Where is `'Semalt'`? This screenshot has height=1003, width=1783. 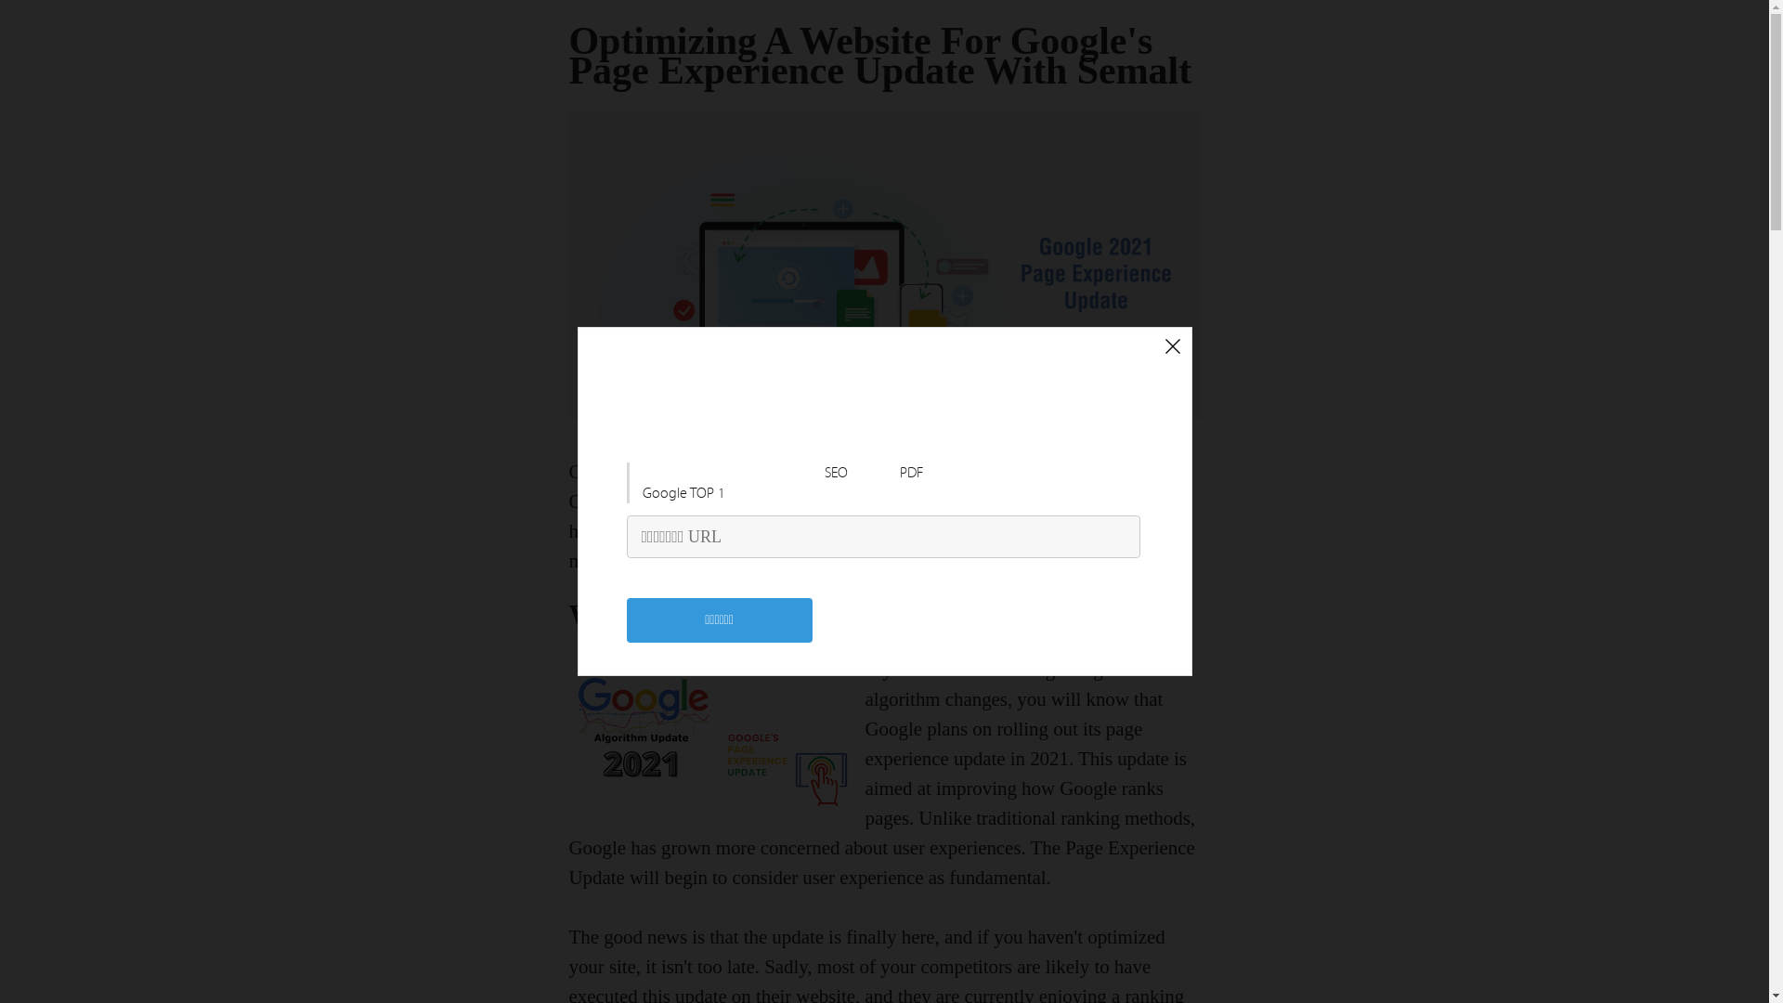 'Semalt' is located at coordinates (716, 501).